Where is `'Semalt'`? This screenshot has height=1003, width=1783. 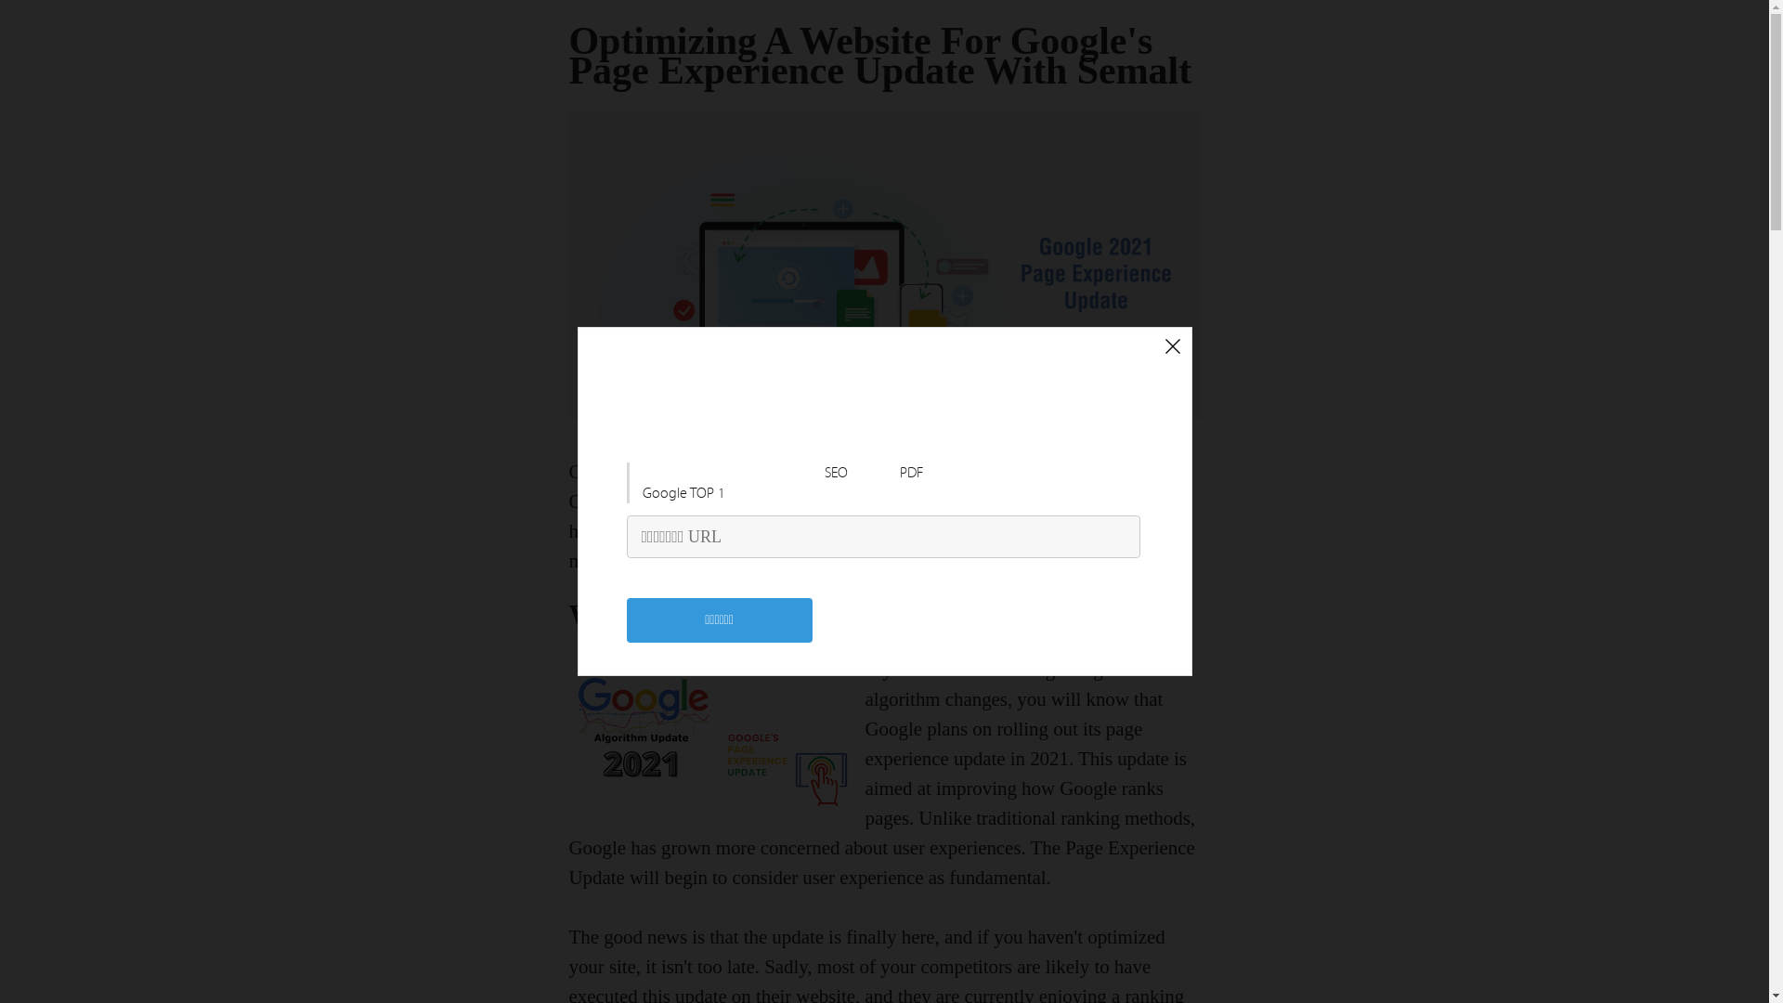 'Semalt' is located at coordinates (716, 501).